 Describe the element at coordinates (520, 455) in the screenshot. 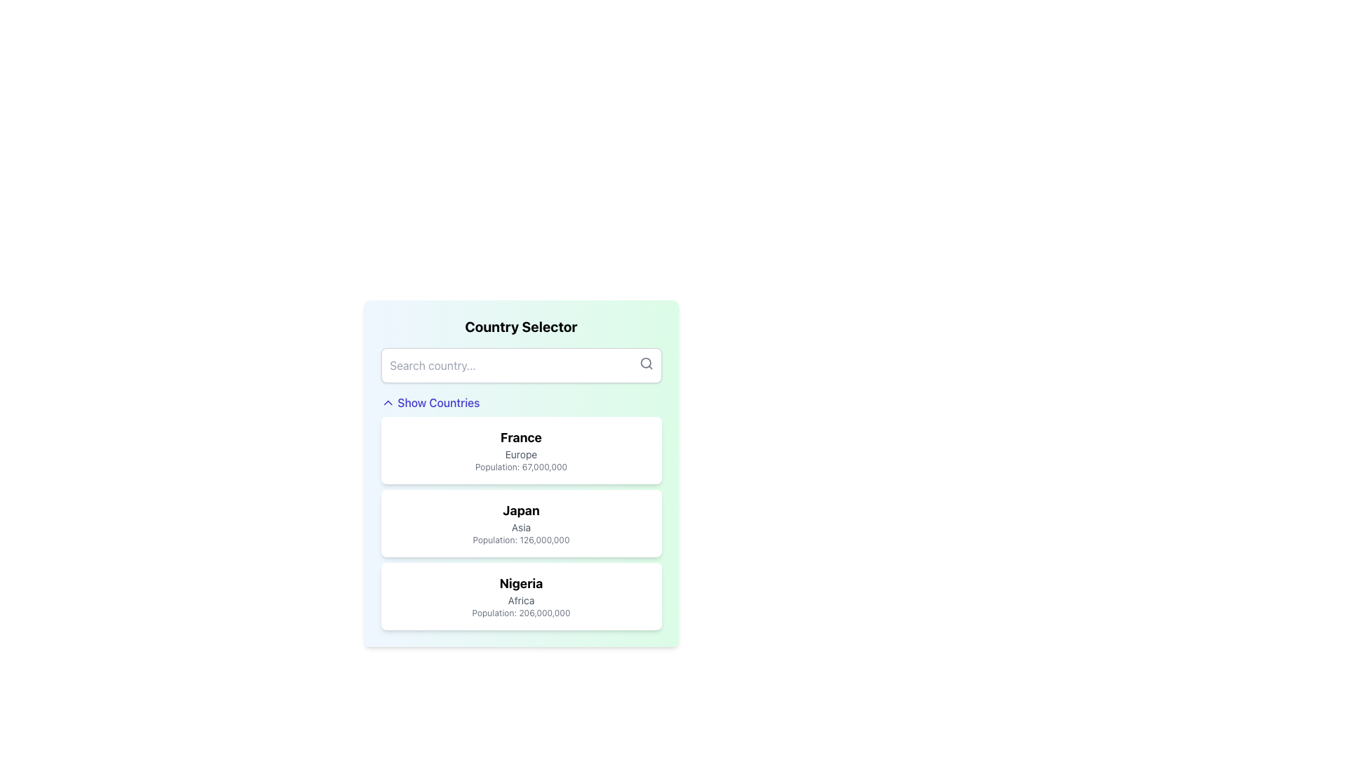

I see `the static text display showing 'Europe', which is styled in a smaller, gray font and located below the title 'France' within a rounded rectangle card` at that location.